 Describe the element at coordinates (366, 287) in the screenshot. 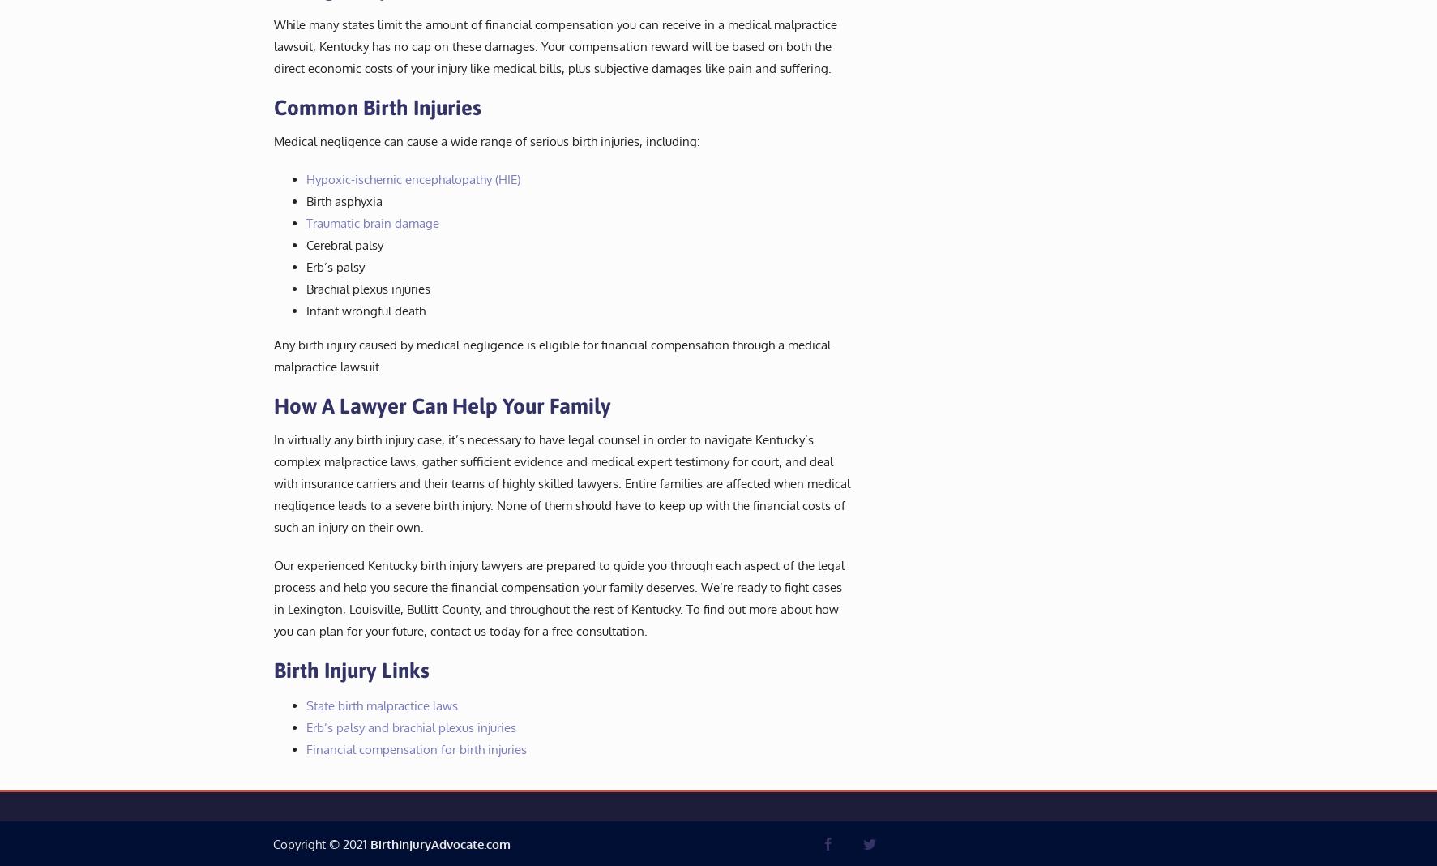

I see `'Brachial plexus injuries'` at that location.